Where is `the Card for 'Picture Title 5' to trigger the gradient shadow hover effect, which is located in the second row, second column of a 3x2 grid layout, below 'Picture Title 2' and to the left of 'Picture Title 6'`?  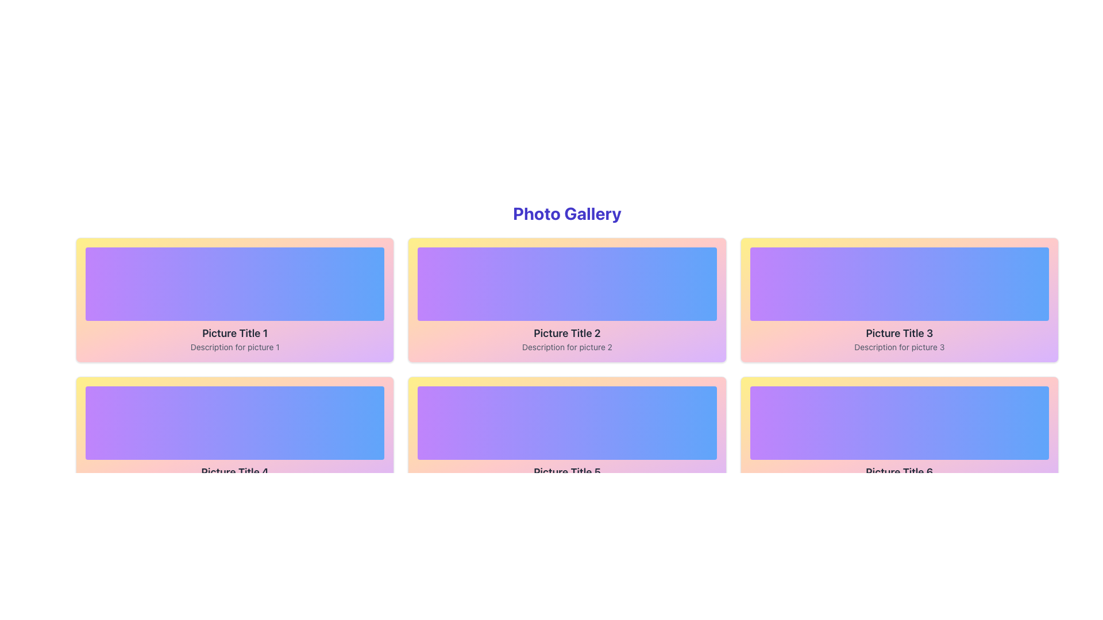 the Card for 'Picture Title 5' to trigger the gradient shadow hover effect, which is located in the second row, second column of a 3x2 grid layout, below 'Picture Title 2' and to the left of 'Picture Title 6' is located at coordinates (567, 439).